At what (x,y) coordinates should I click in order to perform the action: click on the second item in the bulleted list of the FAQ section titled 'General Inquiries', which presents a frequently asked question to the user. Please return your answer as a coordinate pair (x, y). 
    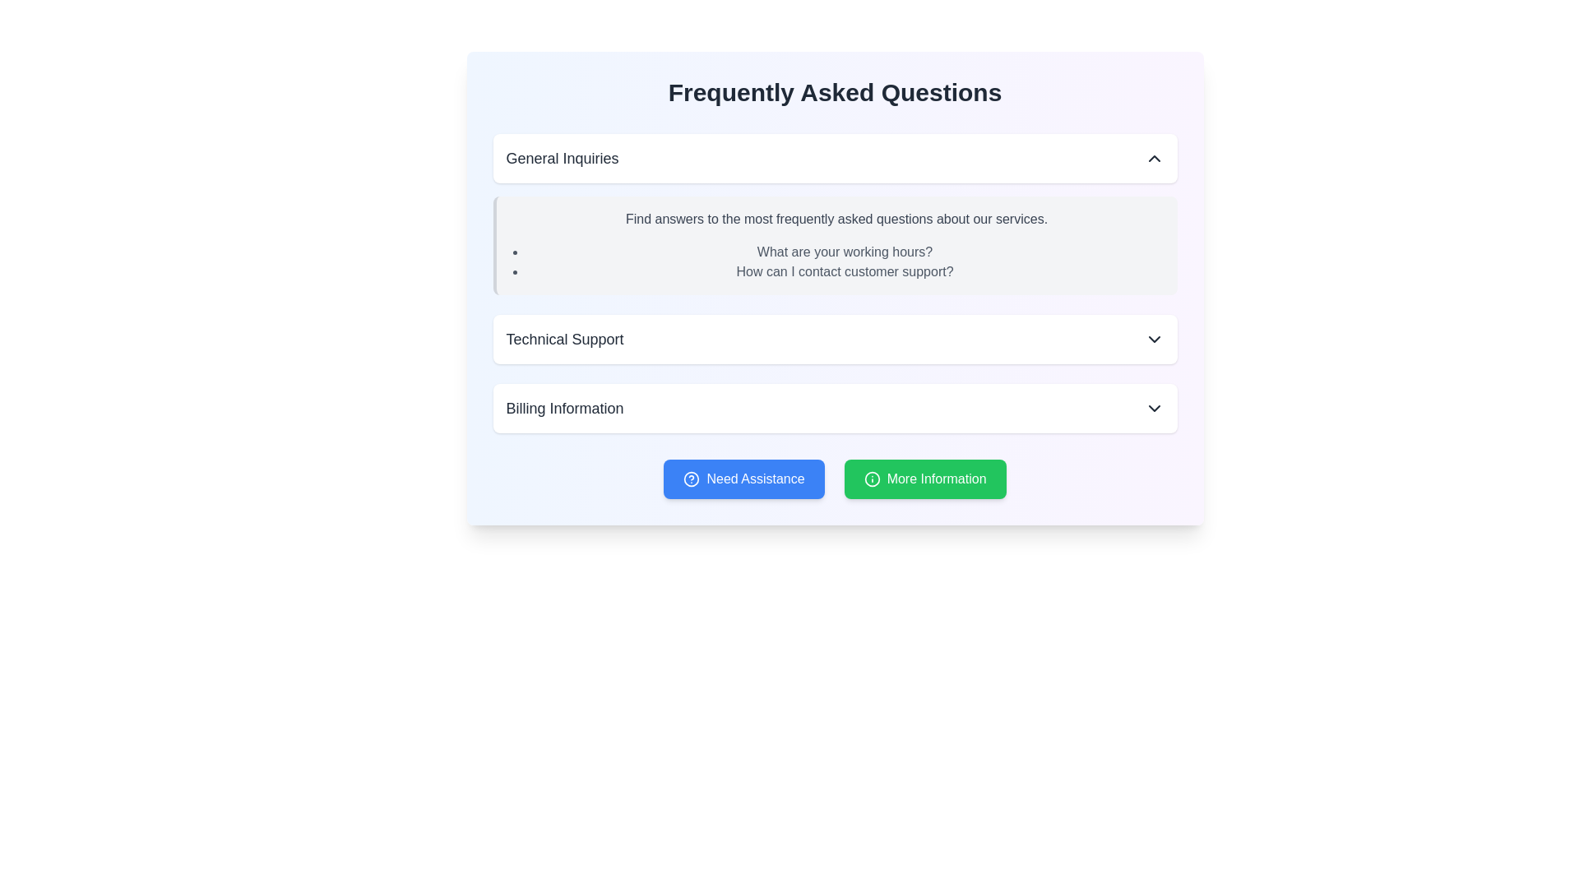
    Looking at the image, I should click on (845, 271).